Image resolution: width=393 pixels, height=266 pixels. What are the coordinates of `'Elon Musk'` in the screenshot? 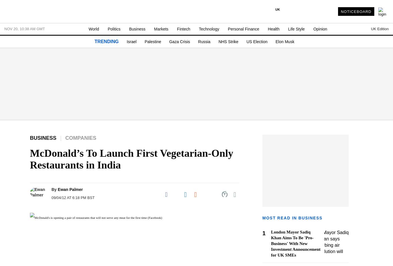 It's located at (285, 41).